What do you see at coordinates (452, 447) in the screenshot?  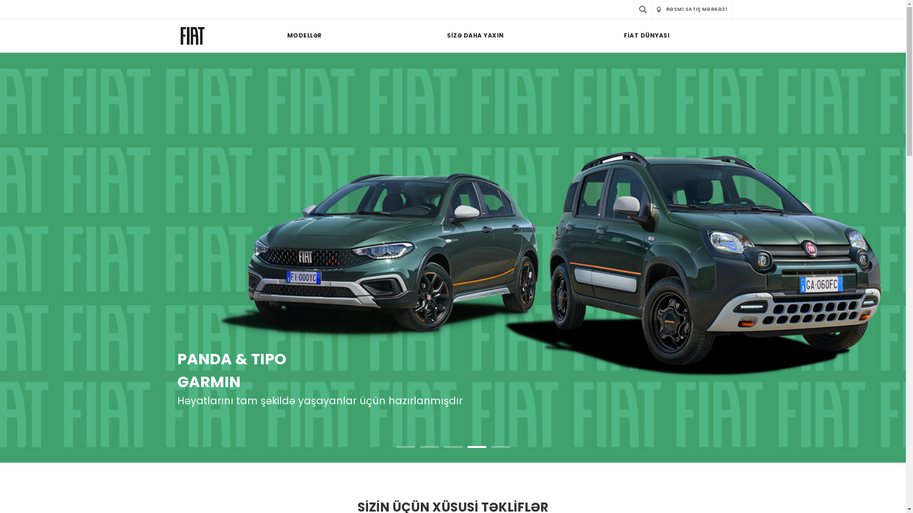 I see `'3'` at bounding box center [452, 447].